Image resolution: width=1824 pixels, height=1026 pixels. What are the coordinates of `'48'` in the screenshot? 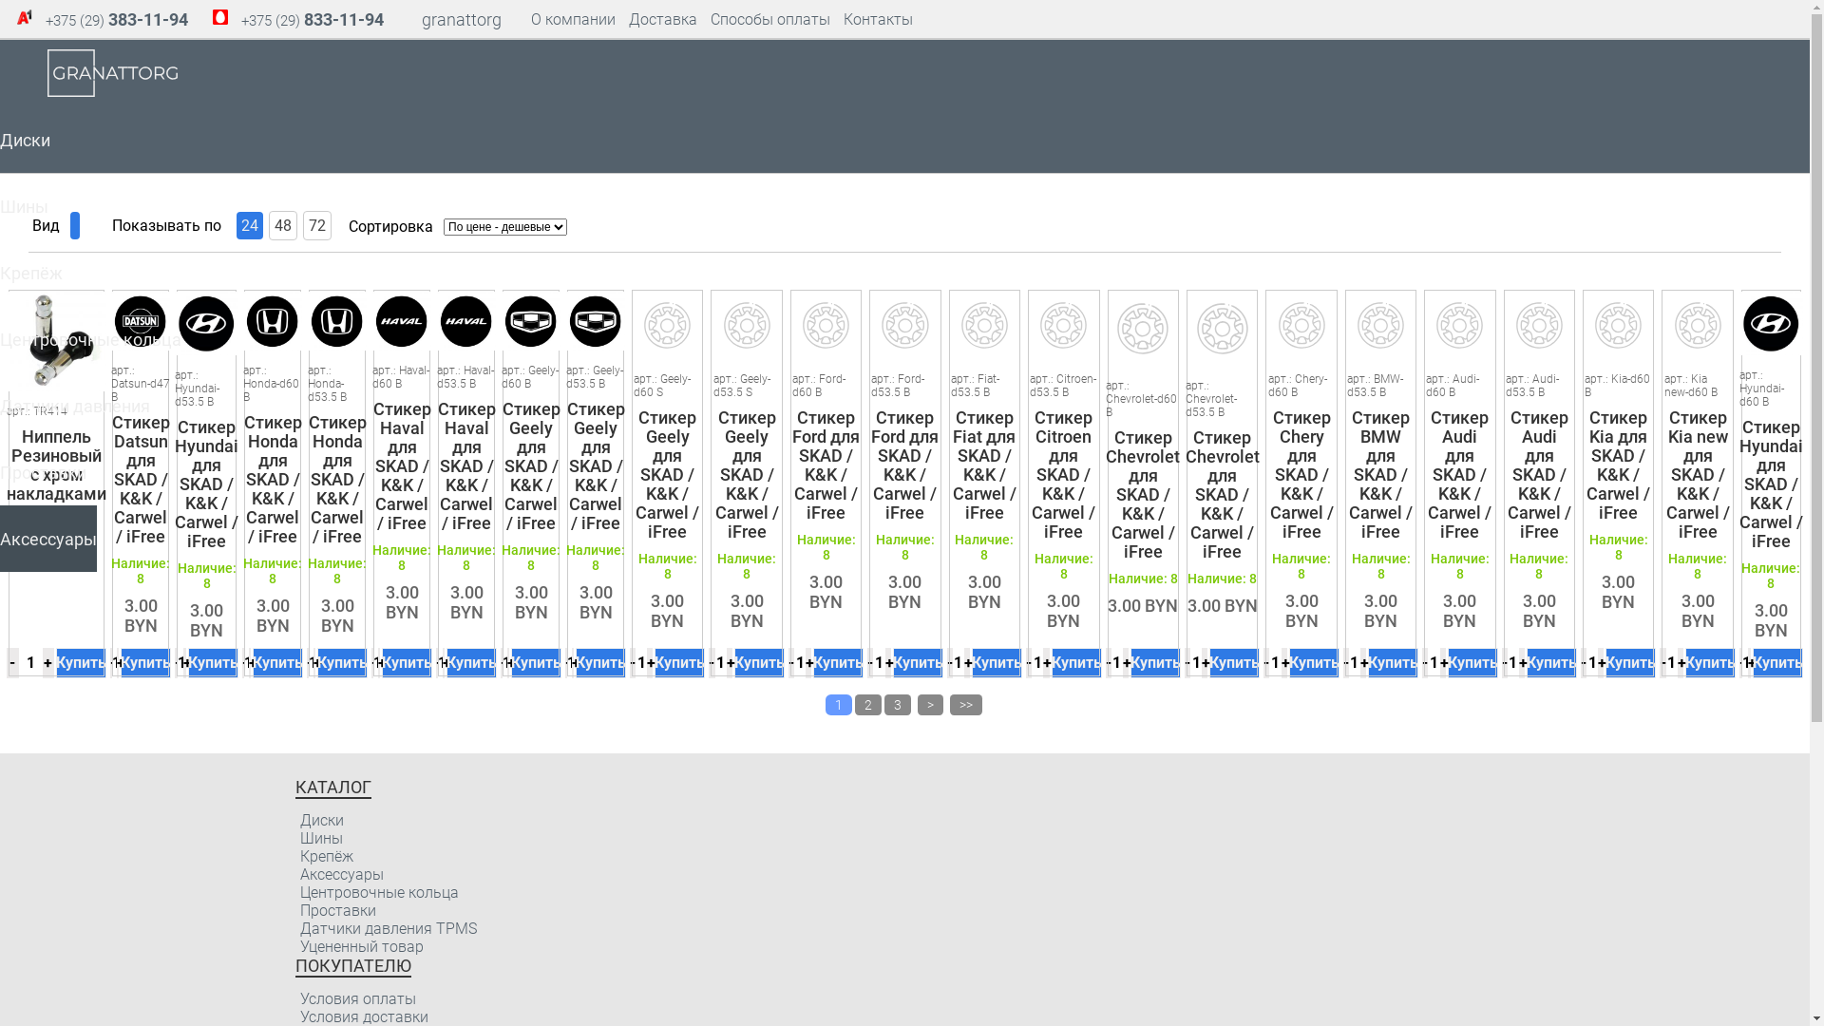 It's located at (281, 224).